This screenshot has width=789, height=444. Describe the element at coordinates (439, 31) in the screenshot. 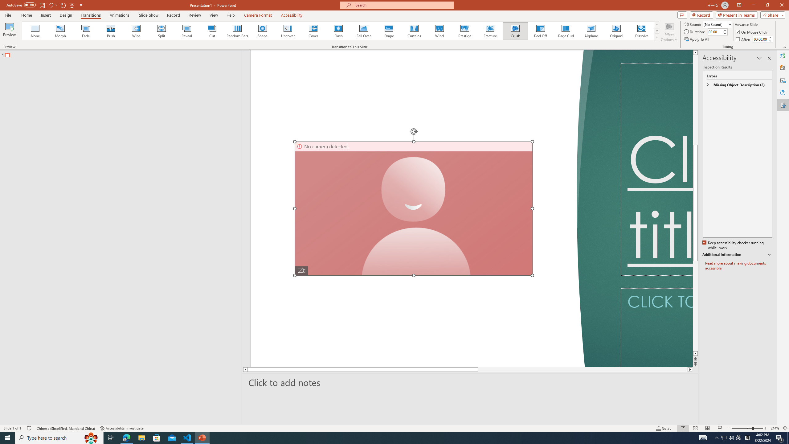

I see `'Wind'` at that location.